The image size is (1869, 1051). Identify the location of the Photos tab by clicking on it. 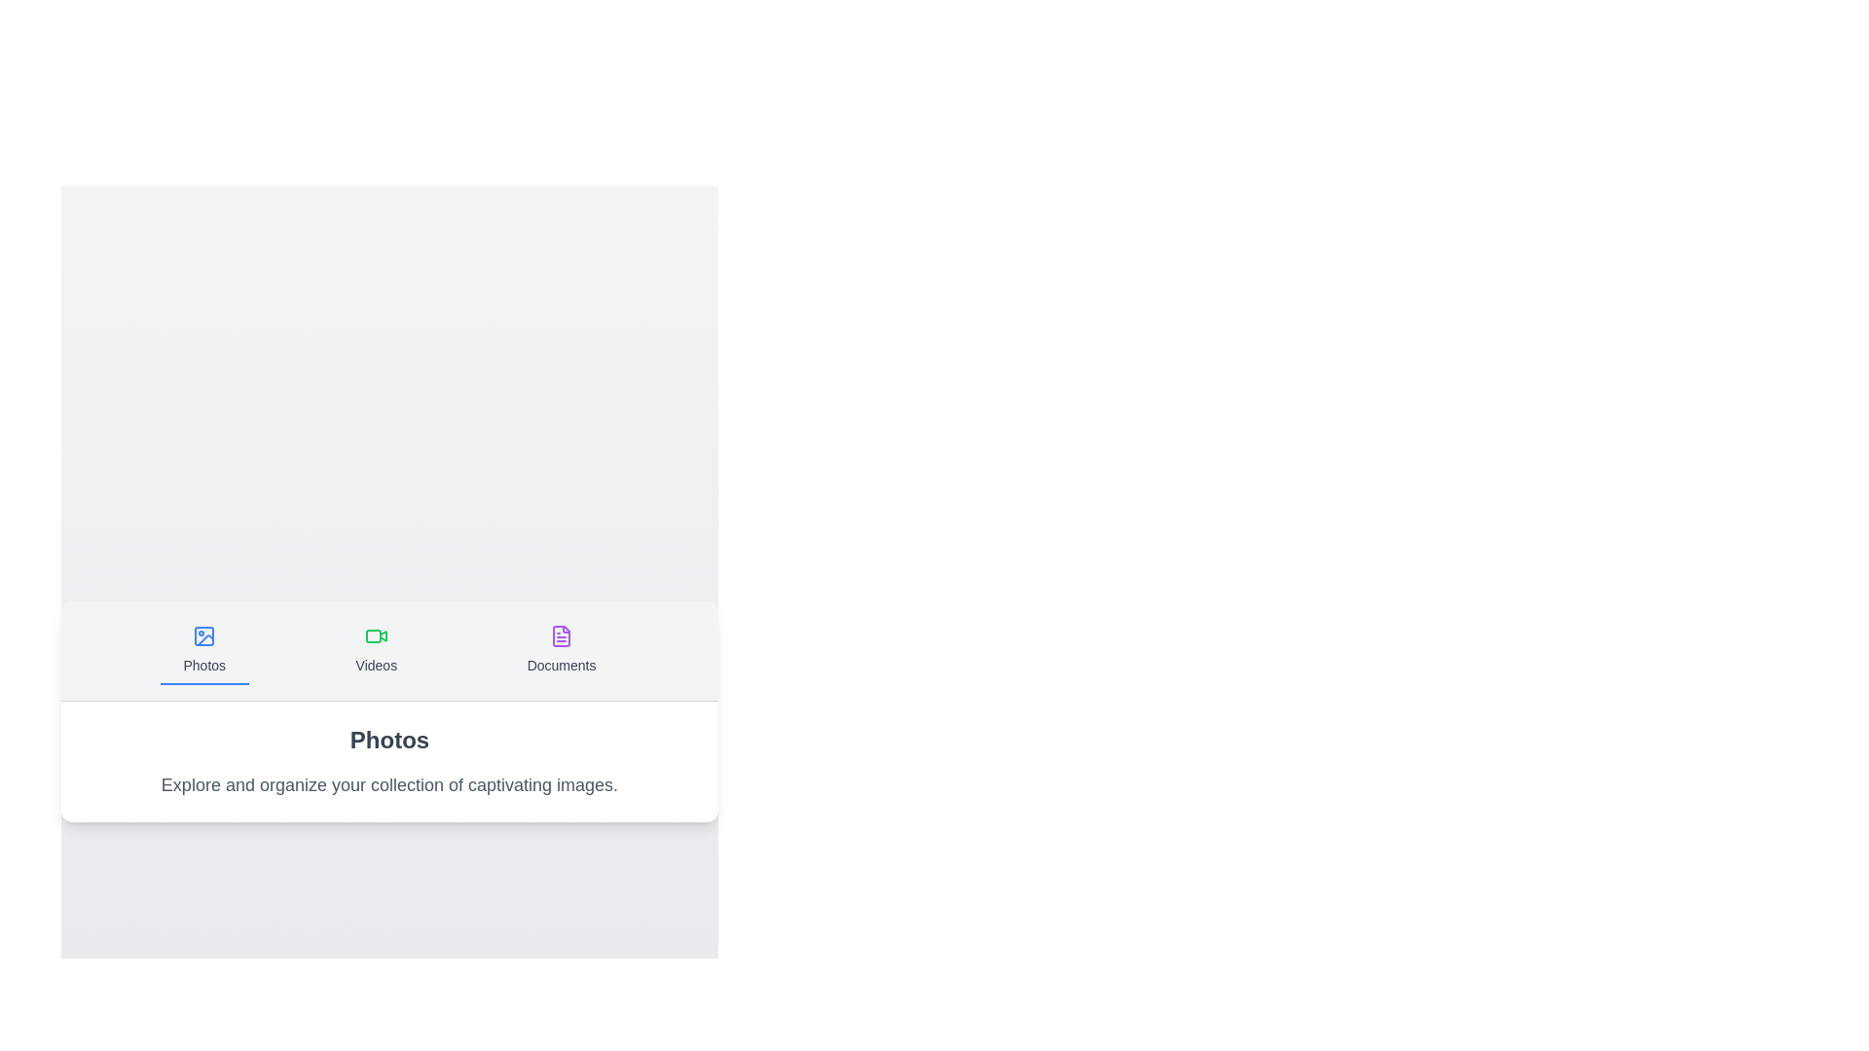
(204, 649).